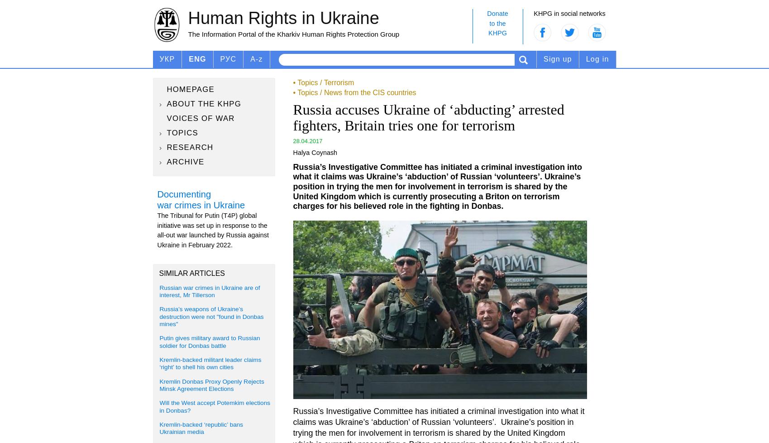 This screenshot has width=769, height=443. Describe the element at coordinates (184, 194) in the screenshot. I see `'Documenting'` at that location.